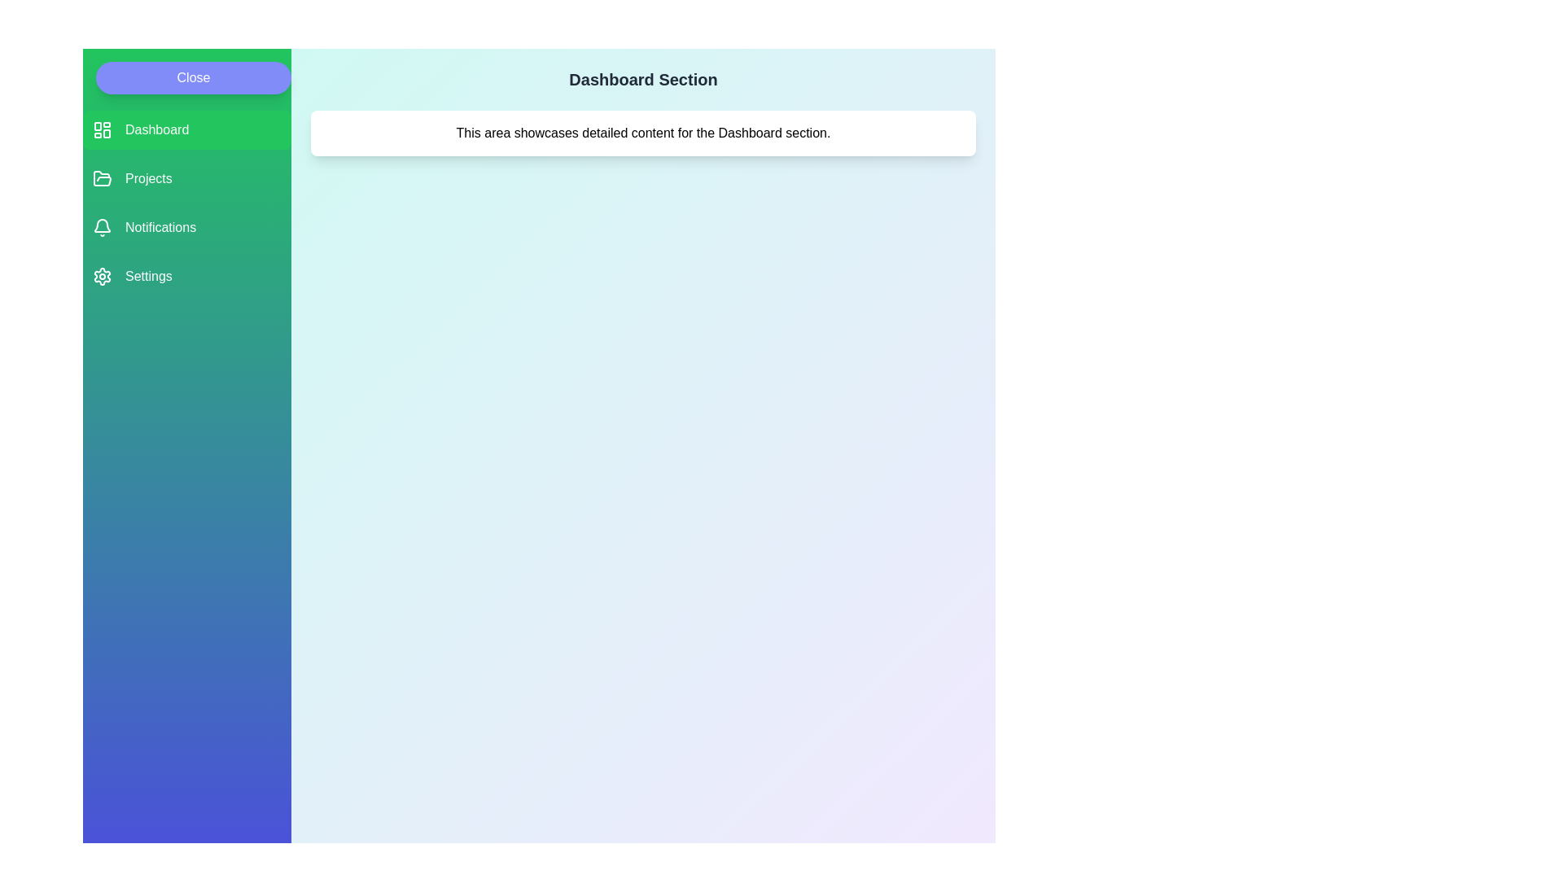 The height and width of the screenshot is (879, 1563). I want to click on the menu item corresponding to Settings to switch the active section, so click(187, 275).